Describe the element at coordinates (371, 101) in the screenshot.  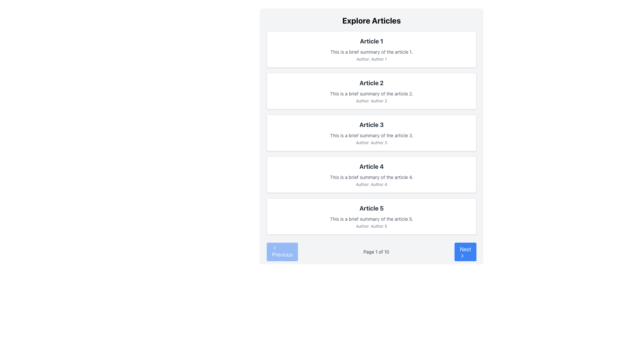
I see `the static text element displaying 'Author: Author 2', which is located beneath the summary of 'Article 2'` at that location.